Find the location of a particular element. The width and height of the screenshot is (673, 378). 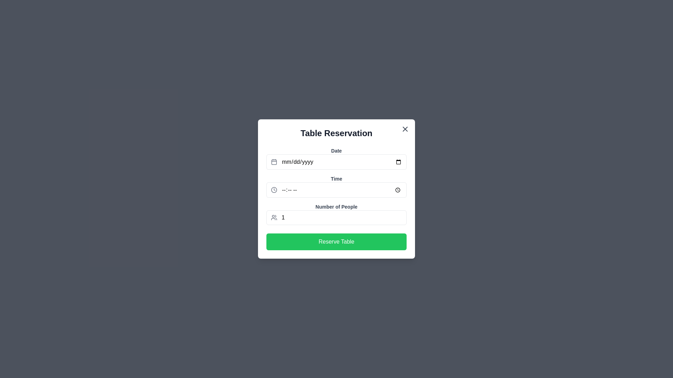

the 'Reserve Table' button with a green background and white text located at the bottom of the 'Table Reservation' modal dialog box to confirm the reservation is located at coordinates (336, 241).